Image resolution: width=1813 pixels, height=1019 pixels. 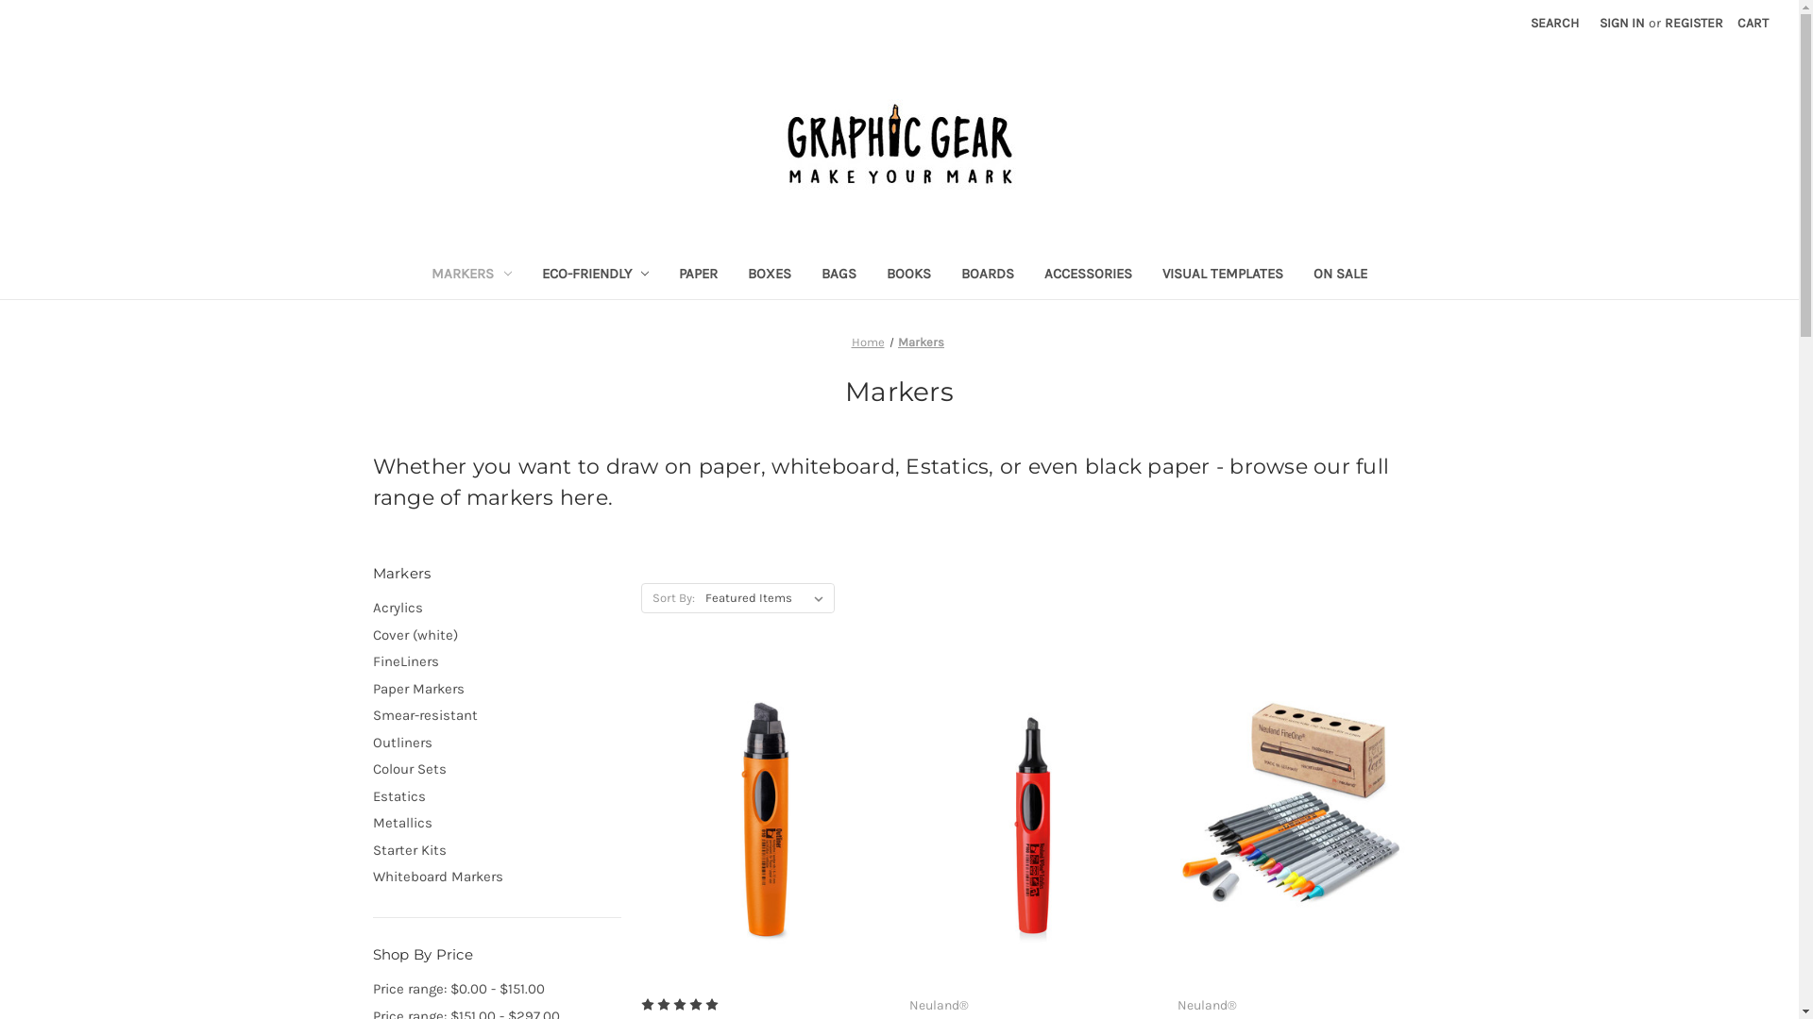 I want to click on 'PAPER', so click(x=697, y=276).